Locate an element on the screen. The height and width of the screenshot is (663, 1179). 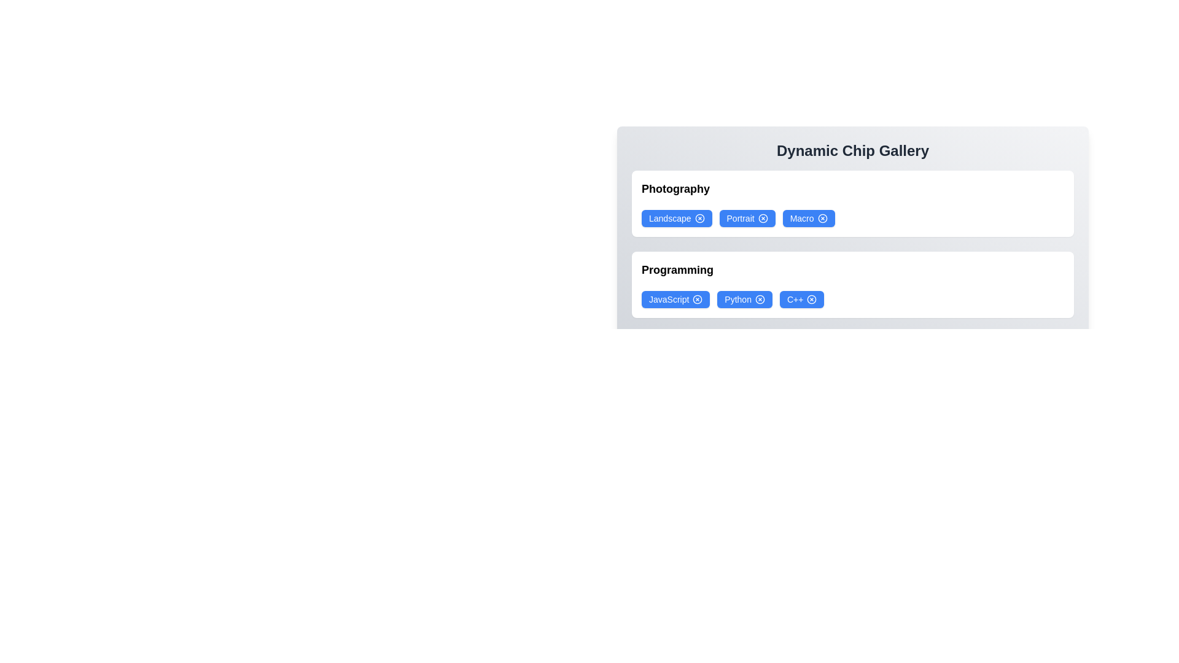
the chip labeled Landscape to select it is located at coordinates (676, 217).